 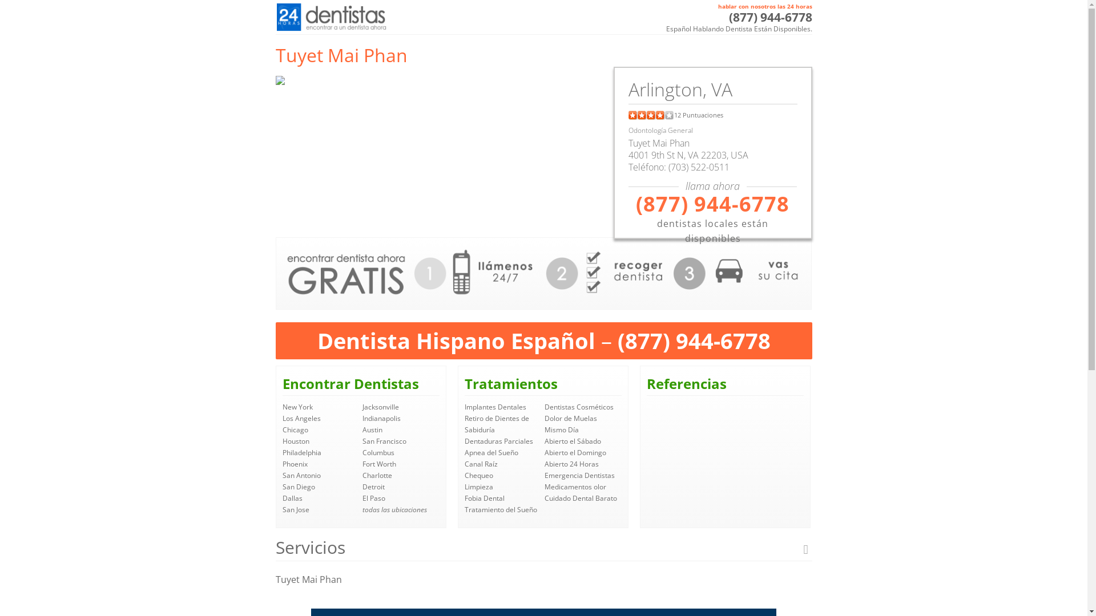 What do you see at coordinates (384, 440) in the screenshot?
I see `'San Francisco'` at bounding box center [384, 440].